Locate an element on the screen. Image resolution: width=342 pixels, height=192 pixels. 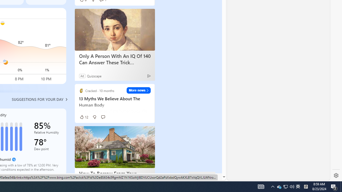
'Dew point' is located at coordinates (47, 150).